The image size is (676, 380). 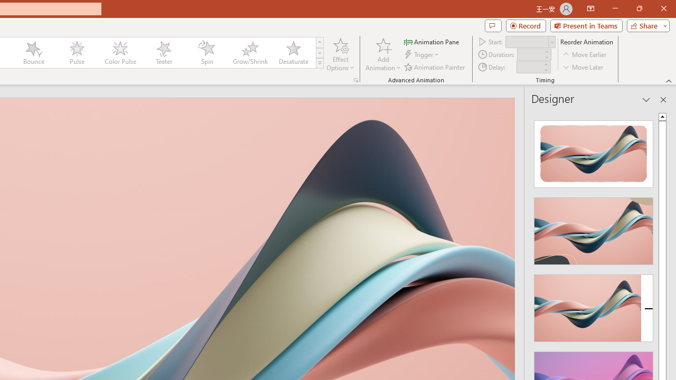 I want to click on 'Animation Pane', so click(x=432, y=41).